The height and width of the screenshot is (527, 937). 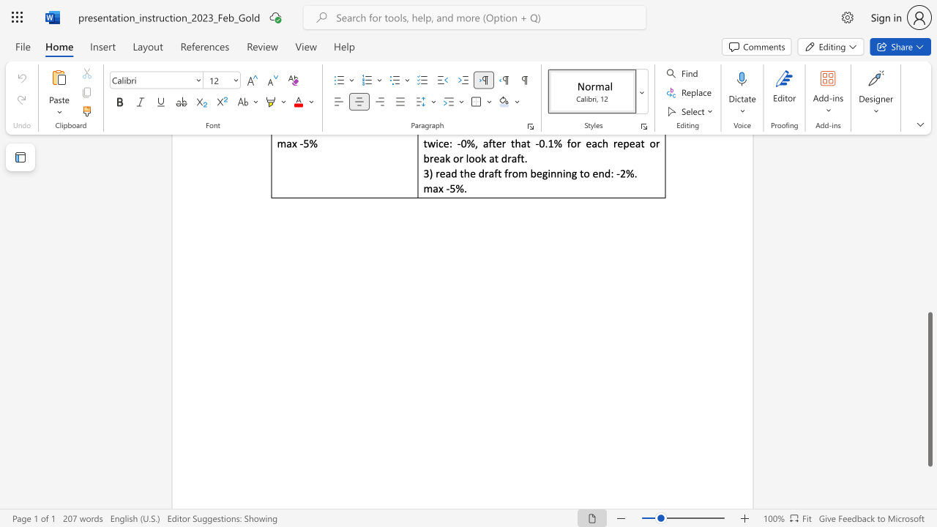 I want to click on the scrollbar to move the content higher, so click(x=929, y=161).